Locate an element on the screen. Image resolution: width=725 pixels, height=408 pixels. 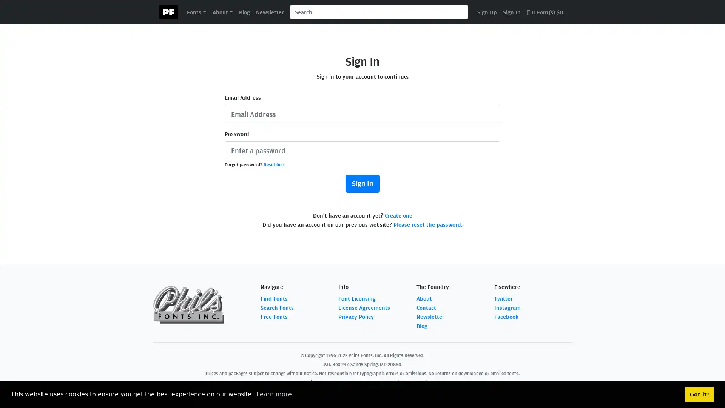
Sign In is located at coordinates (362, 184).